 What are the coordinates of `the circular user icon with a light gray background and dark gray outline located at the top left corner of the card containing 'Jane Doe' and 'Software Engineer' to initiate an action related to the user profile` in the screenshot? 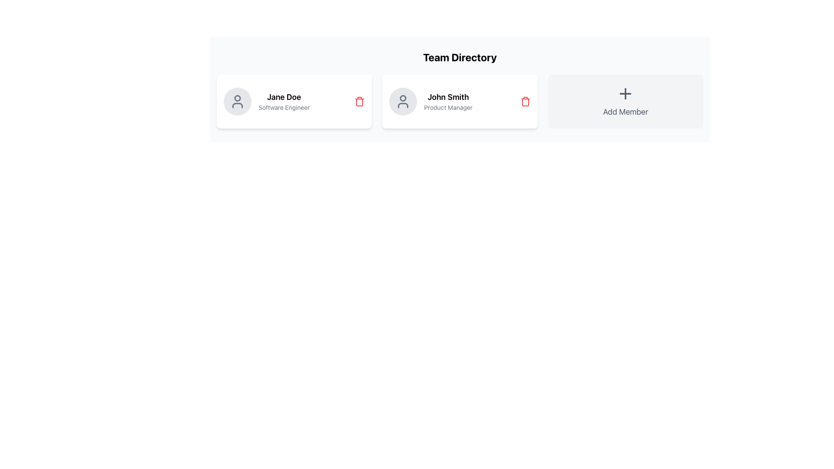 It's located at (238, 101).